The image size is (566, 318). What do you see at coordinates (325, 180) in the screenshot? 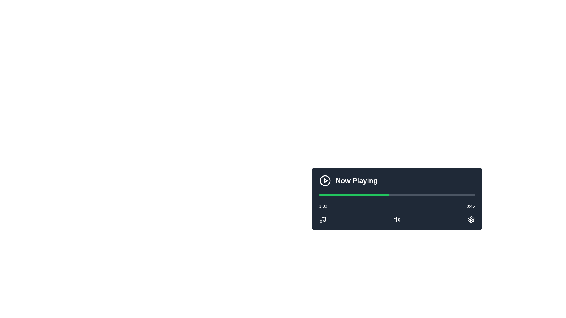
I see `the circular background of the play button located at the top-left corner of the 'Now Playing' card` at bounding box center [325, 180].